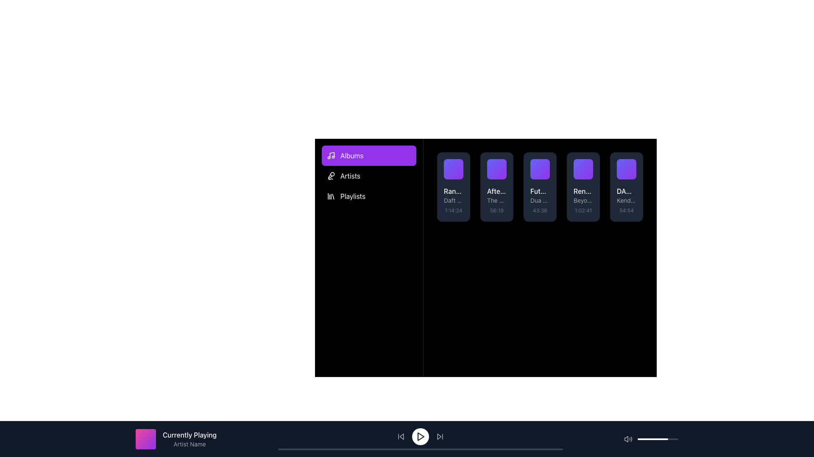 The height and width of the screenshot is (457, 814). What do you see at coordinates (369, 155) in the screenshot?
I see `the first button in the vertical stack of navigational options on the left-hand sidebar` at bounding box center [369, 155].